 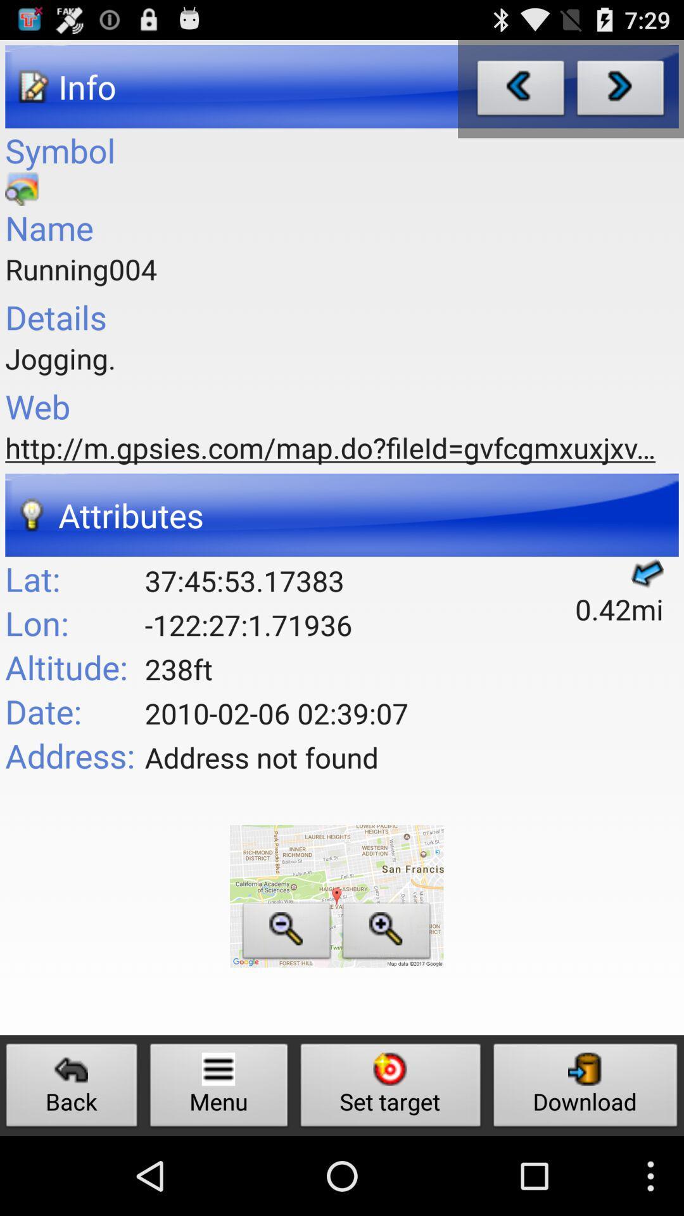 What do you see at coordinates (585, 1088) in the screenshot?
I see `download item` at bounding box center [585, 1088].